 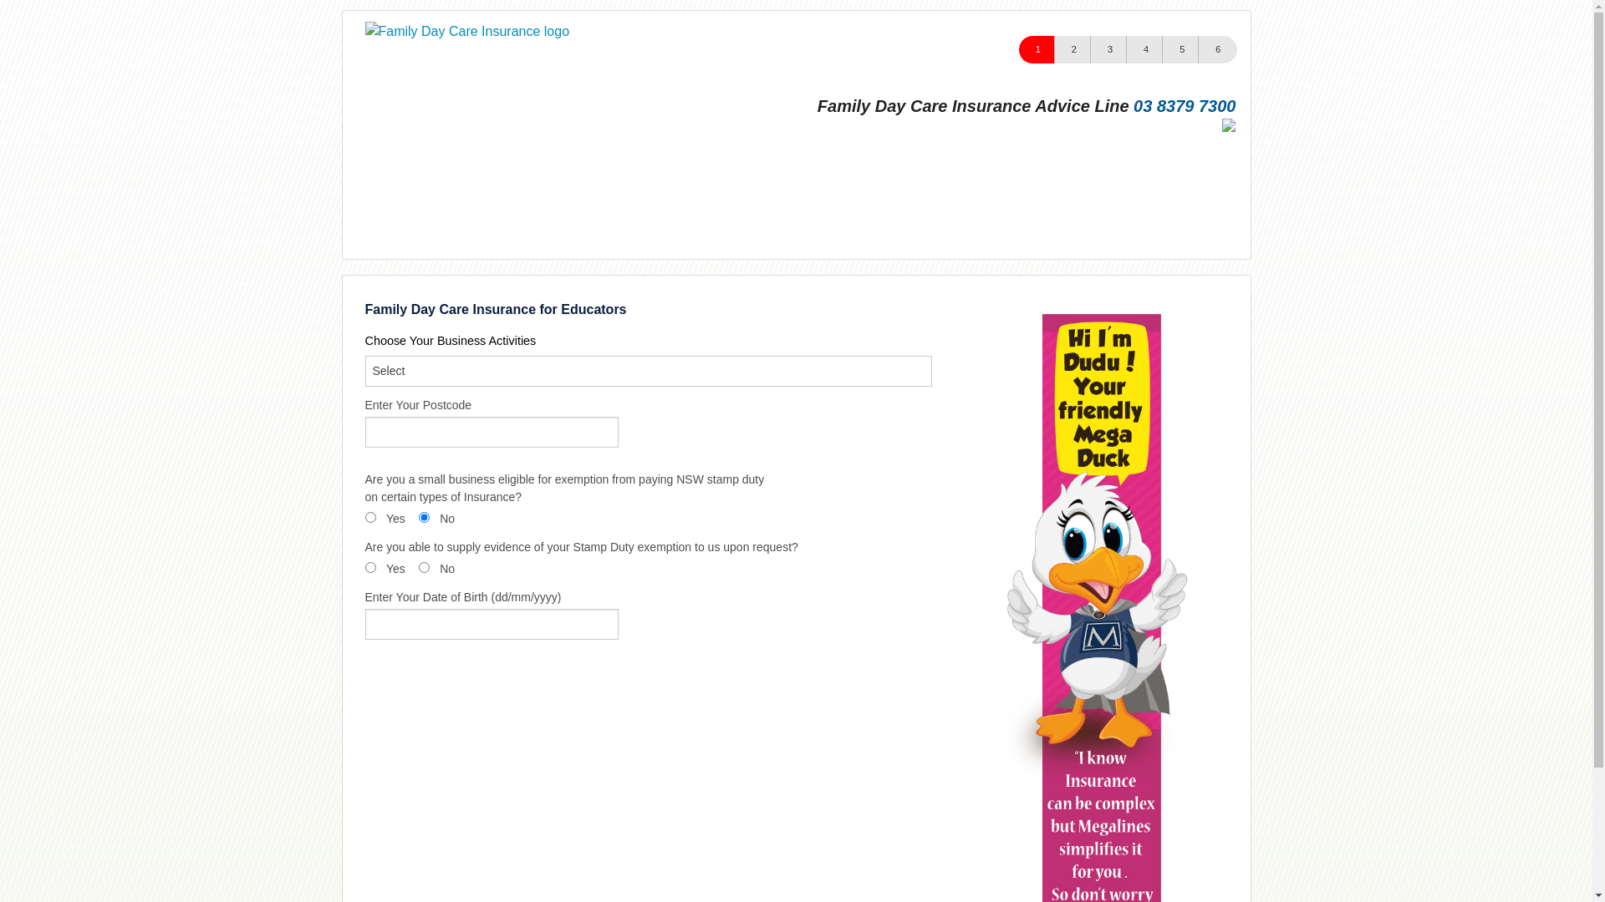 What do you see at coordinates (1217, 48) in the screenshot?
I see `'6'` at bounding box center [1217, 48].